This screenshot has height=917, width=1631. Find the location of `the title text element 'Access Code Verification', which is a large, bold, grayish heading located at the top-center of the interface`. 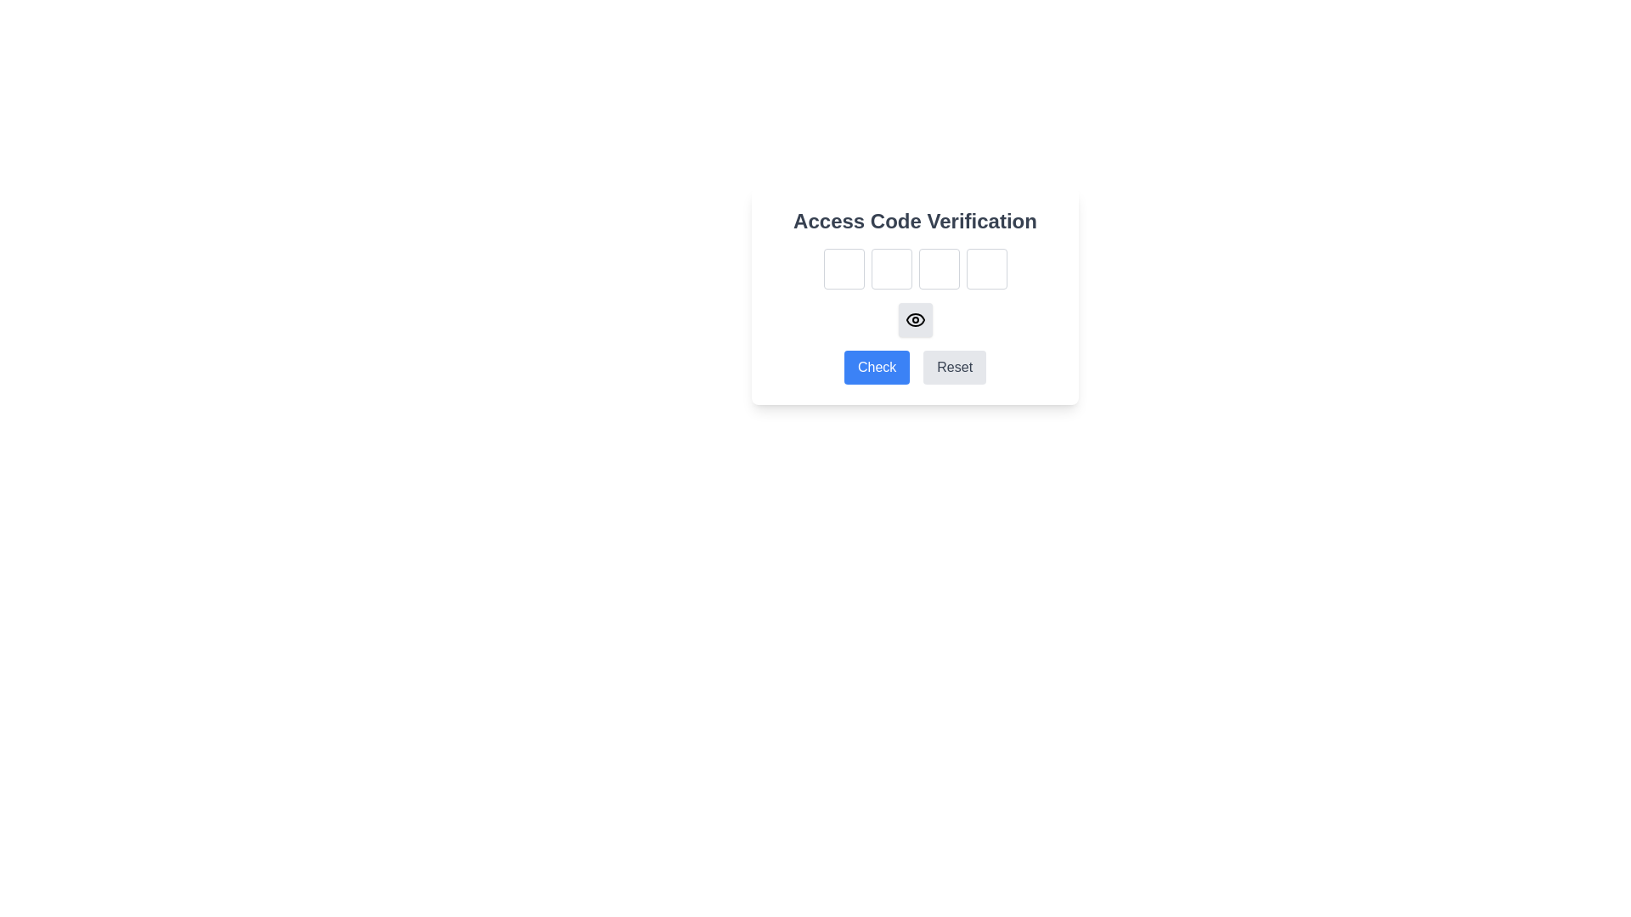

the title text element 'Access Code Verification', which is a large, bold, grayish heading located at the top-center of the interface is located at coordinates (914, 221).